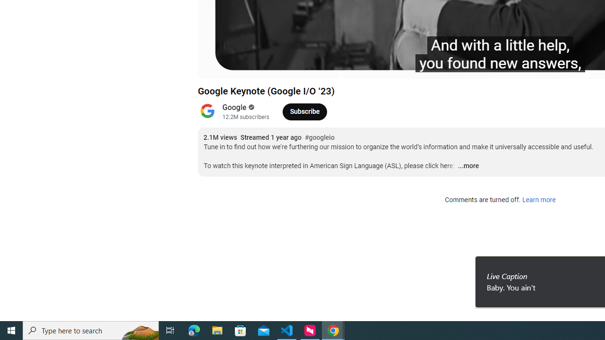  What do you see at coordinates (236, 67) in the screenshot?
I see `'Next (SHIFT+n)'` at bounding box center [236, 67].